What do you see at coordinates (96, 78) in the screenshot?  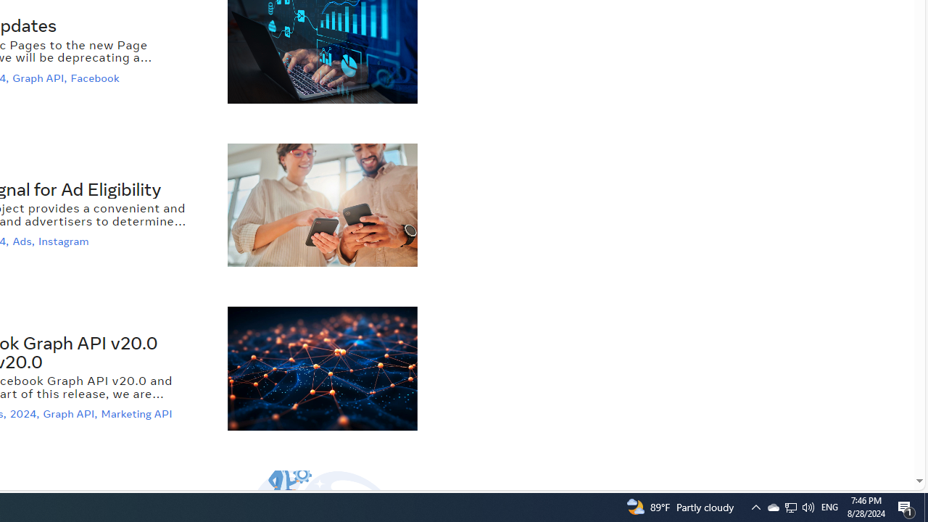 I see `'Facebook'` at bounding box center [96, 78].